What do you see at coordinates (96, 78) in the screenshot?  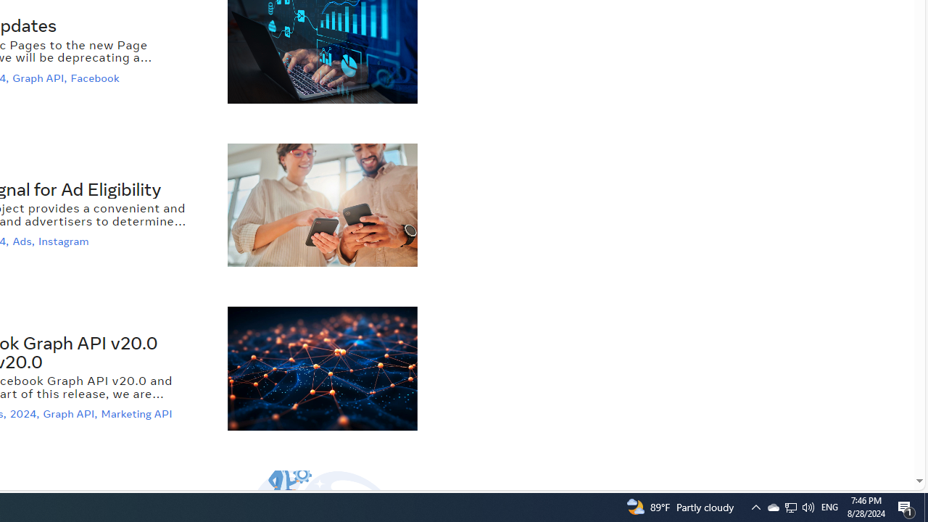 I see `'Facebook'` at bounding box center [96, 78].